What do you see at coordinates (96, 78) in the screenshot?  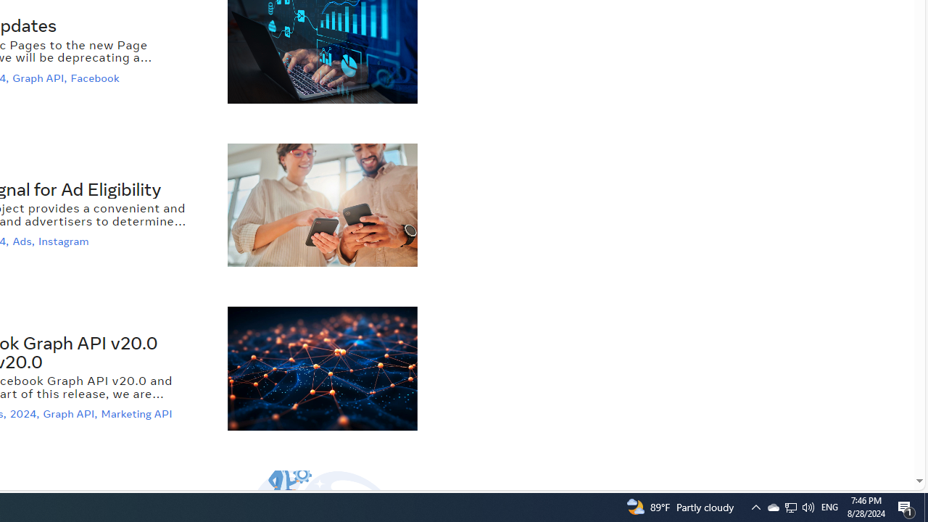 I see `'Facebook'` at bounding box center [96, 78].